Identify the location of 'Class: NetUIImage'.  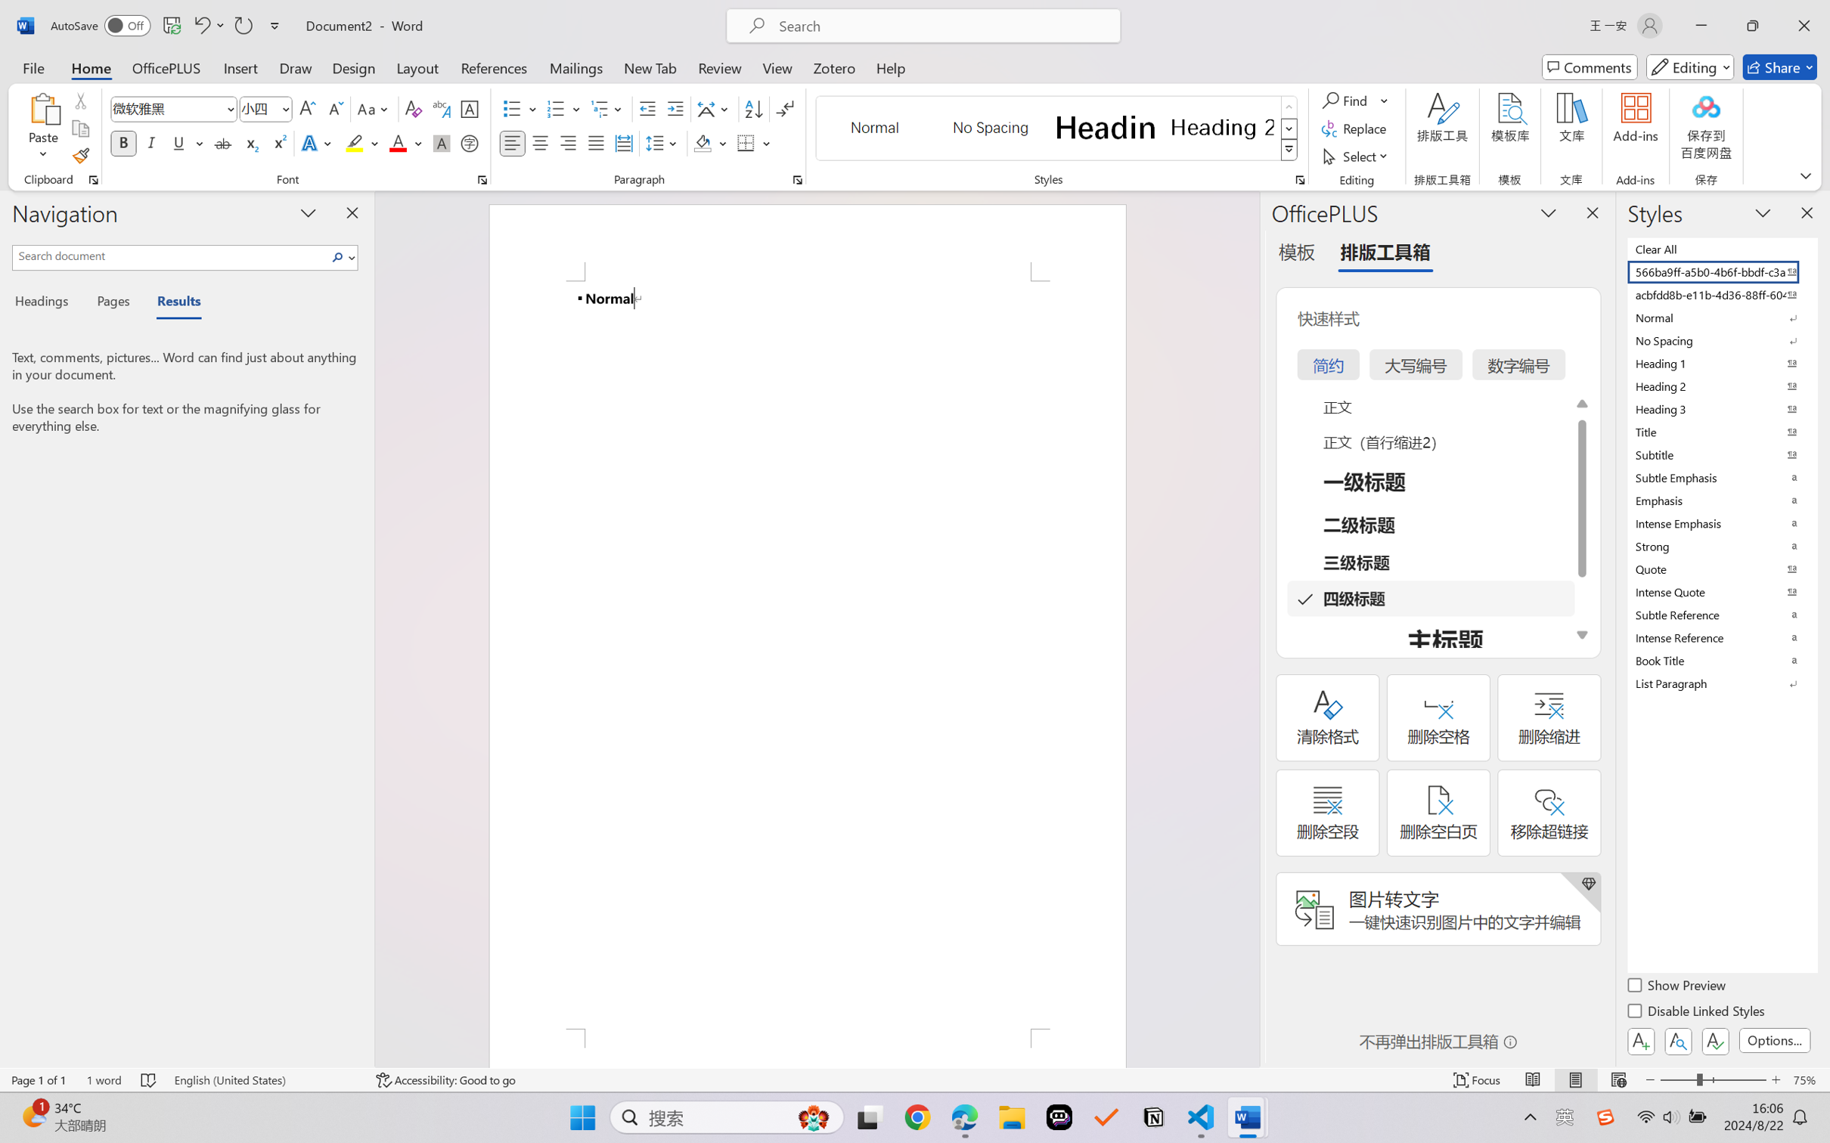
(1288, 150).